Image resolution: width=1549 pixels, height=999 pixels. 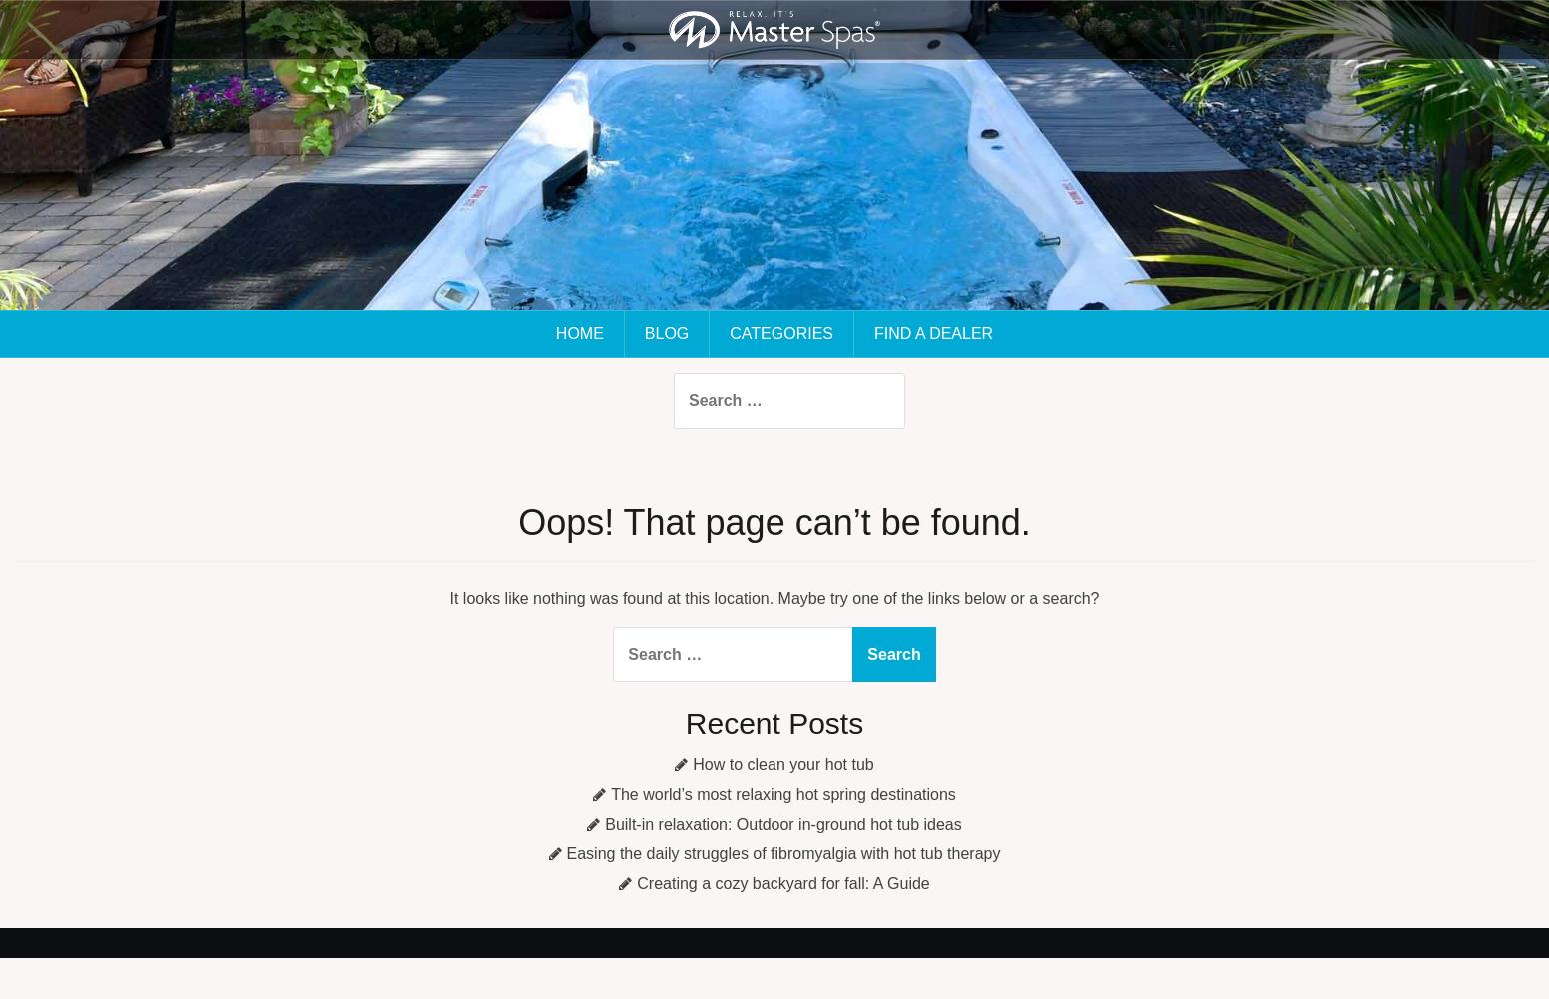 I want to click on 'The world’s most relaxing hot spring destinations', so click(x=781, y=793).